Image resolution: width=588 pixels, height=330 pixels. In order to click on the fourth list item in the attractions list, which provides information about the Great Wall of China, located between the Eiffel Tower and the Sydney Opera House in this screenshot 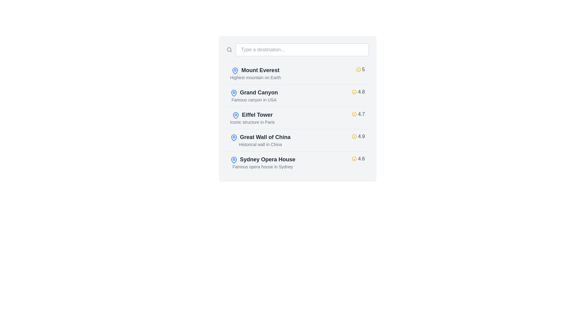, I will do `click(297, 140)`.